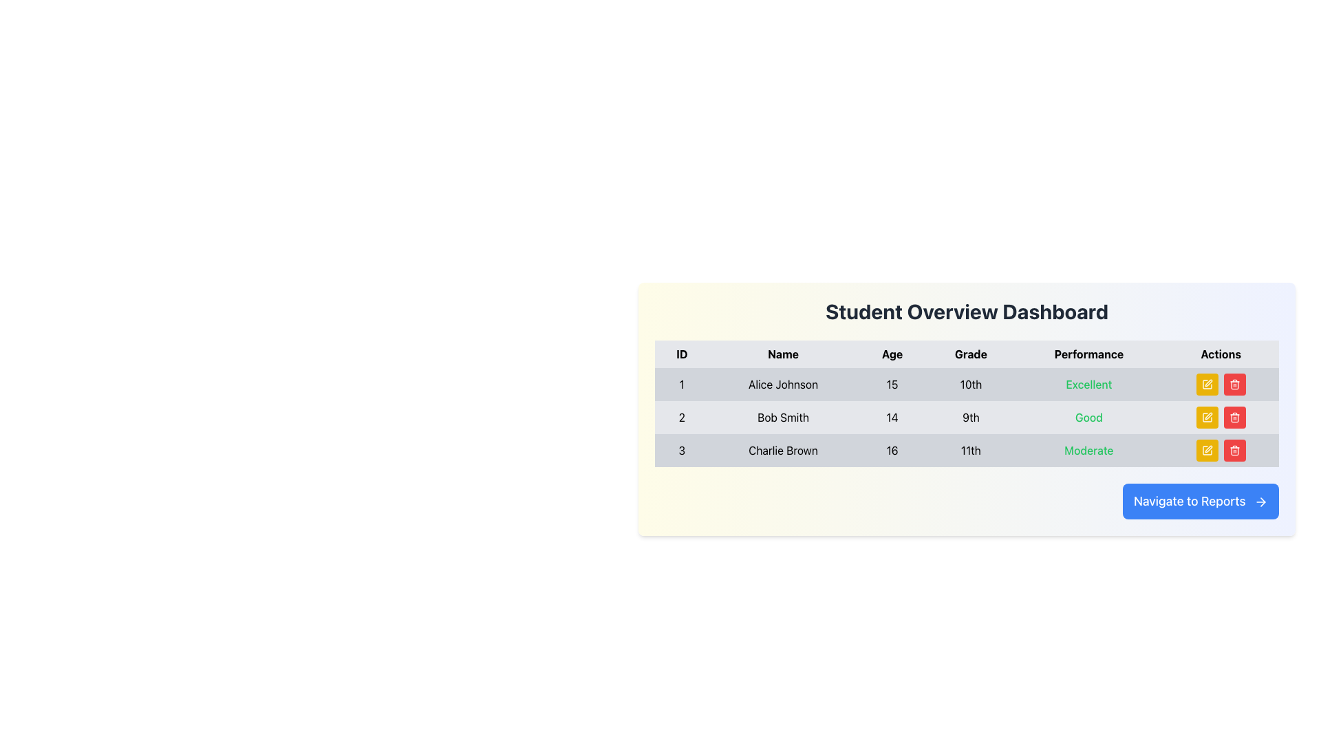  Describe the element at coordinates (1221, 451) in the screenshot. I see `the red button with the trash can icon located in the last row of the table under the 'Actions' column, adjacent to the 'Moderate' performance label` at that location.